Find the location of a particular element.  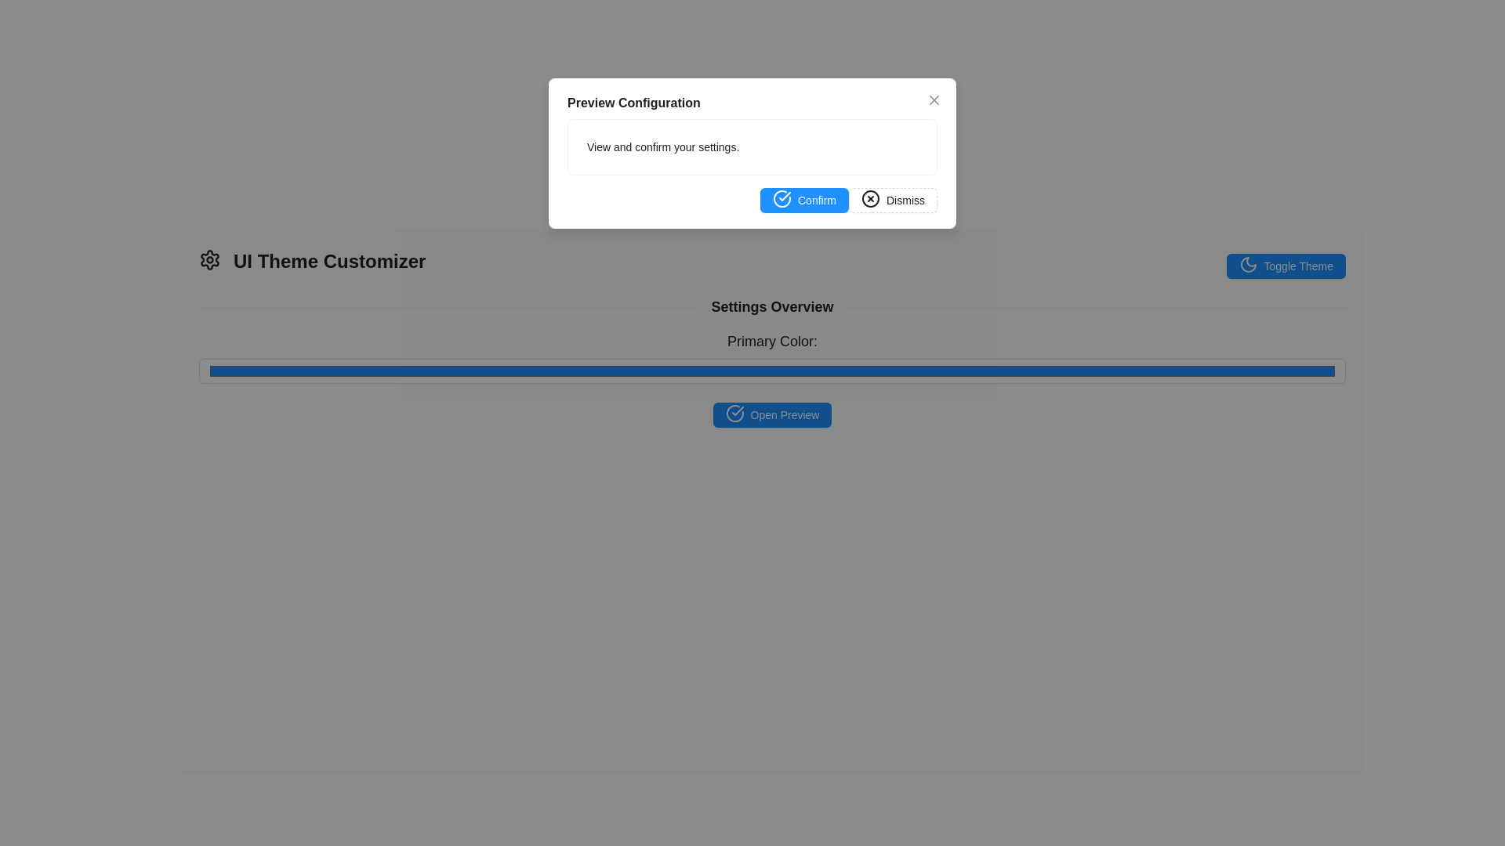

the confirmation icon located within the 'Open Preview' button, which is positioned below the primary color configuration section in the UI is located at coordinates (733, 414).